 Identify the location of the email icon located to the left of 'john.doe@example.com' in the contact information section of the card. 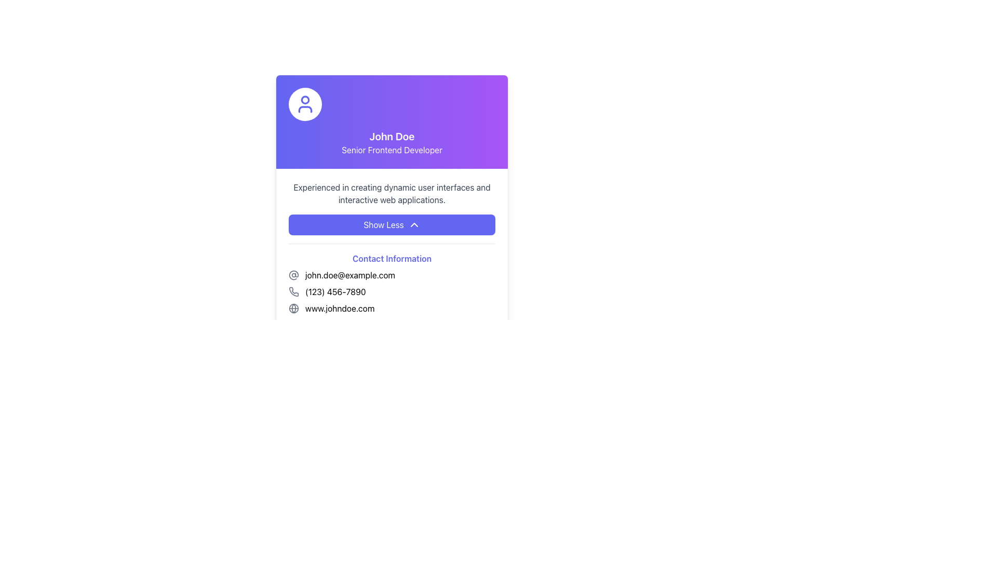
(293, 274).